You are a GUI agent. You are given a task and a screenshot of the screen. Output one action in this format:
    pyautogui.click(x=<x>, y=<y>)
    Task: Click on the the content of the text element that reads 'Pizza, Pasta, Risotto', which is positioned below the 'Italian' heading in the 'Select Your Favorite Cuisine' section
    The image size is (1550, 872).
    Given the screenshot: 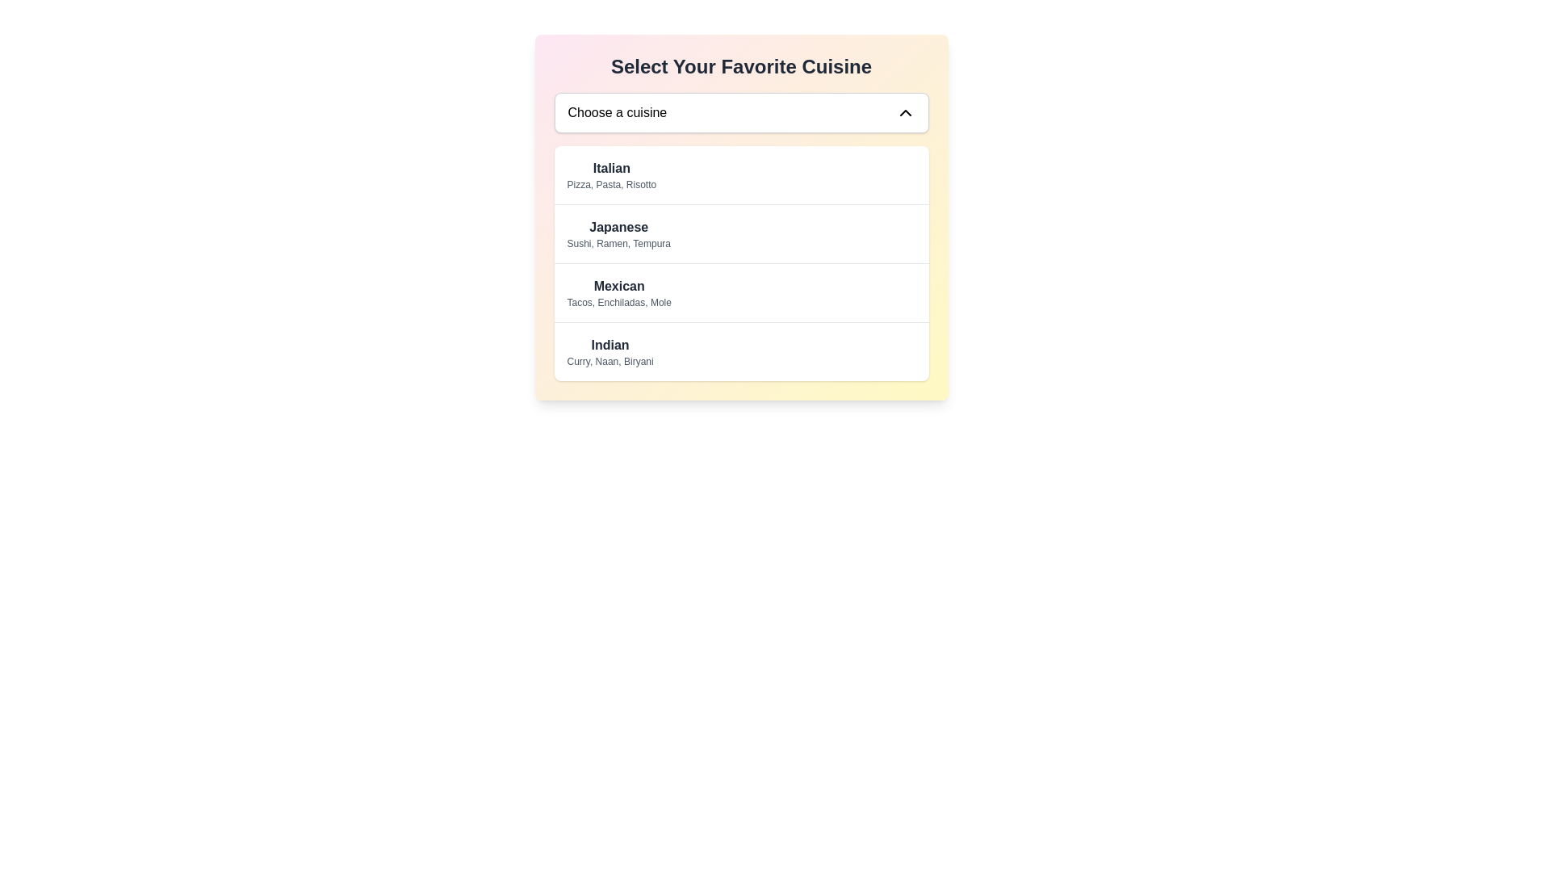 What is the action you would take?
    pyautogui.click(x=610, y=183)
    